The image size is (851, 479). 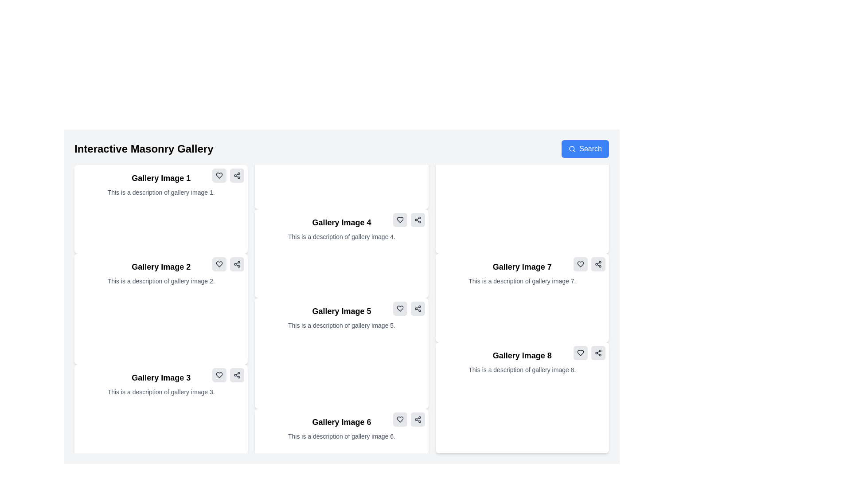 What do you see at coordinates (399, 308) in the screenshot?
I see `the 'like' icon button located in the top-right corner of the card for 'Gallery Image 5'` at bounding box center [399, 308].